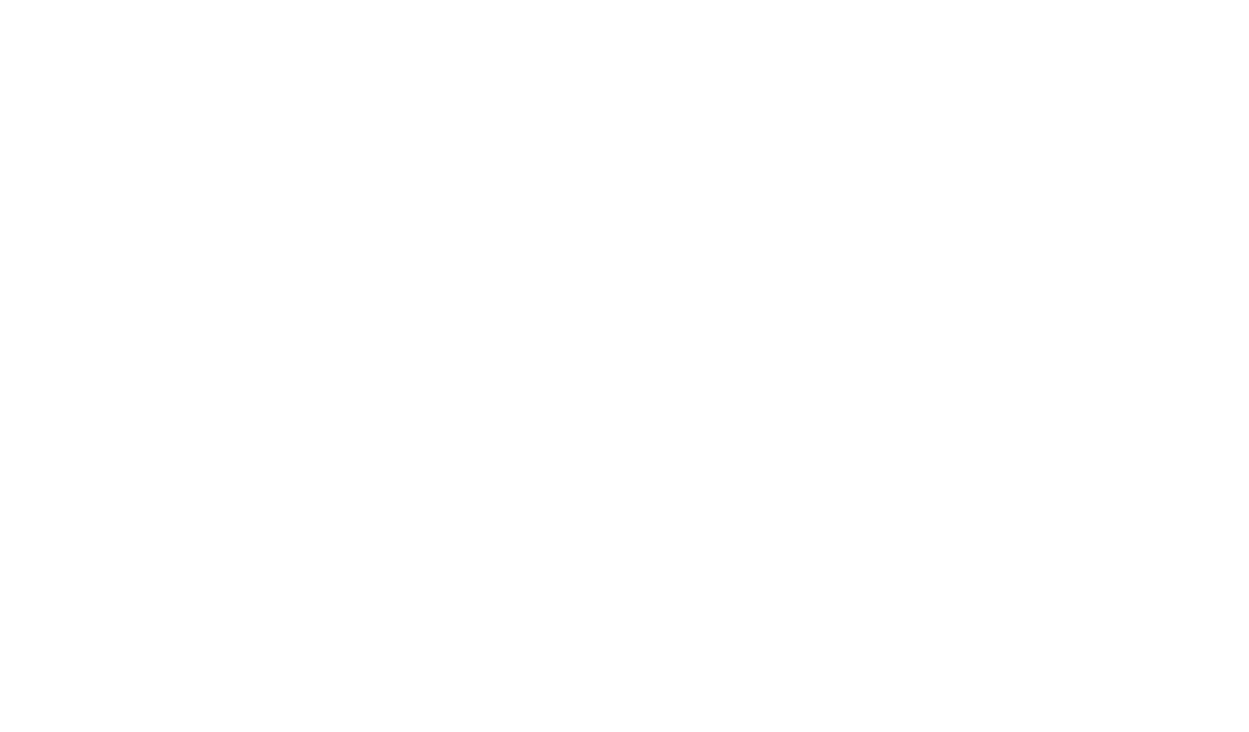  Describe the element at coordinates (358, 505) in the screenshot. I see `'What an amazing product X8 welder is very helpful and advanced.'` at that location.